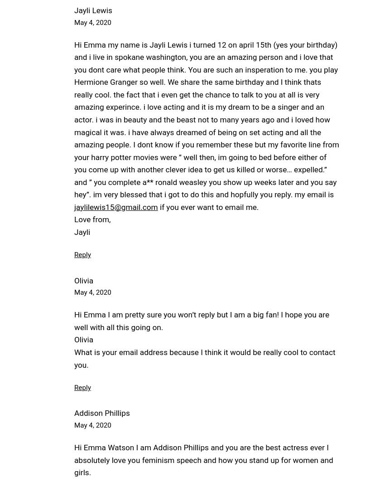 Image resolution: width=385 pixels, height=487 pixels. Describe the element at coordinates (115, 206) in the screenshot. I see `'jaylilewis15@gmail.com'` at that location.